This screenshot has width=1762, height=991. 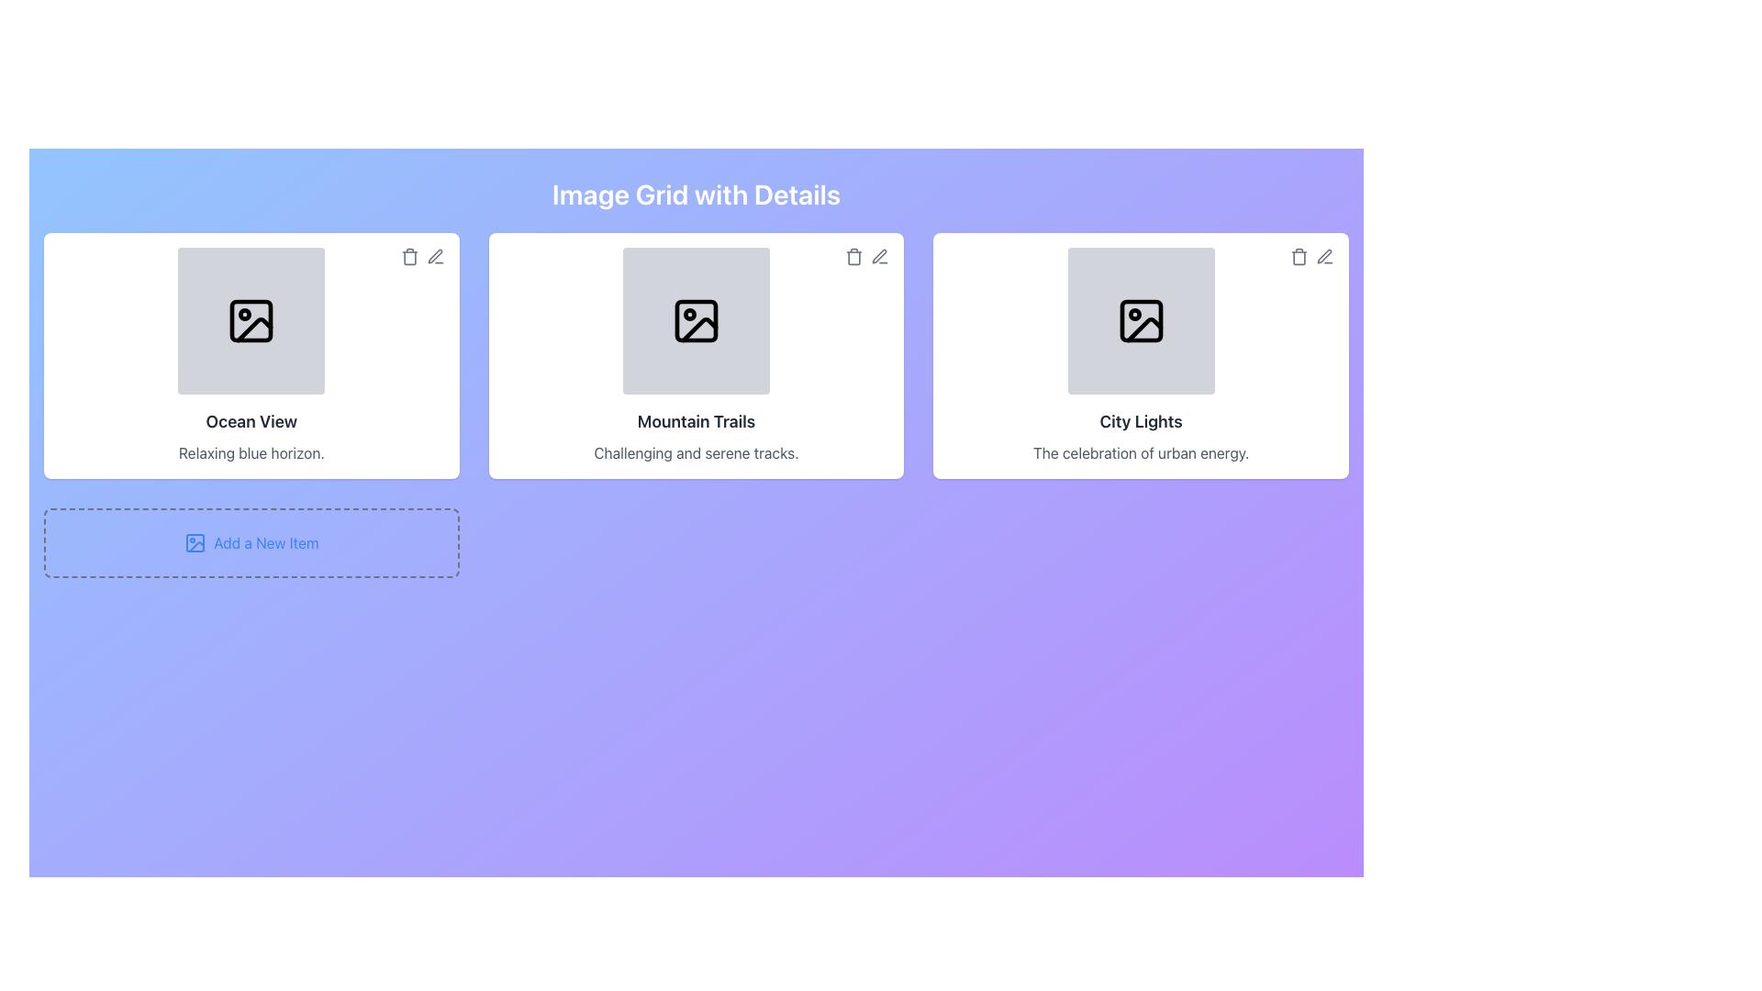 I want to click on the small circle within the image icon of the card labeled 'Mountain Trails', located in the upper left portion of the graphic composition, so click(x=689, y=314).